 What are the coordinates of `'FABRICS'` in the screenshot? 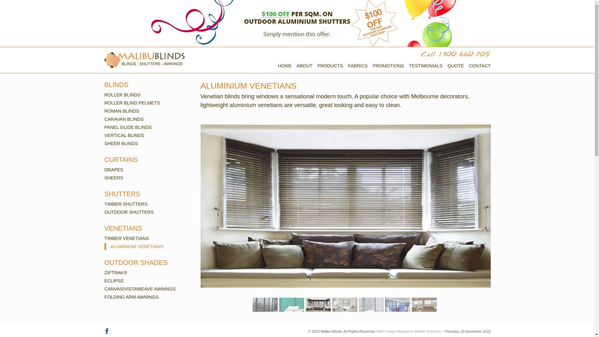 It's located at (358, 66).